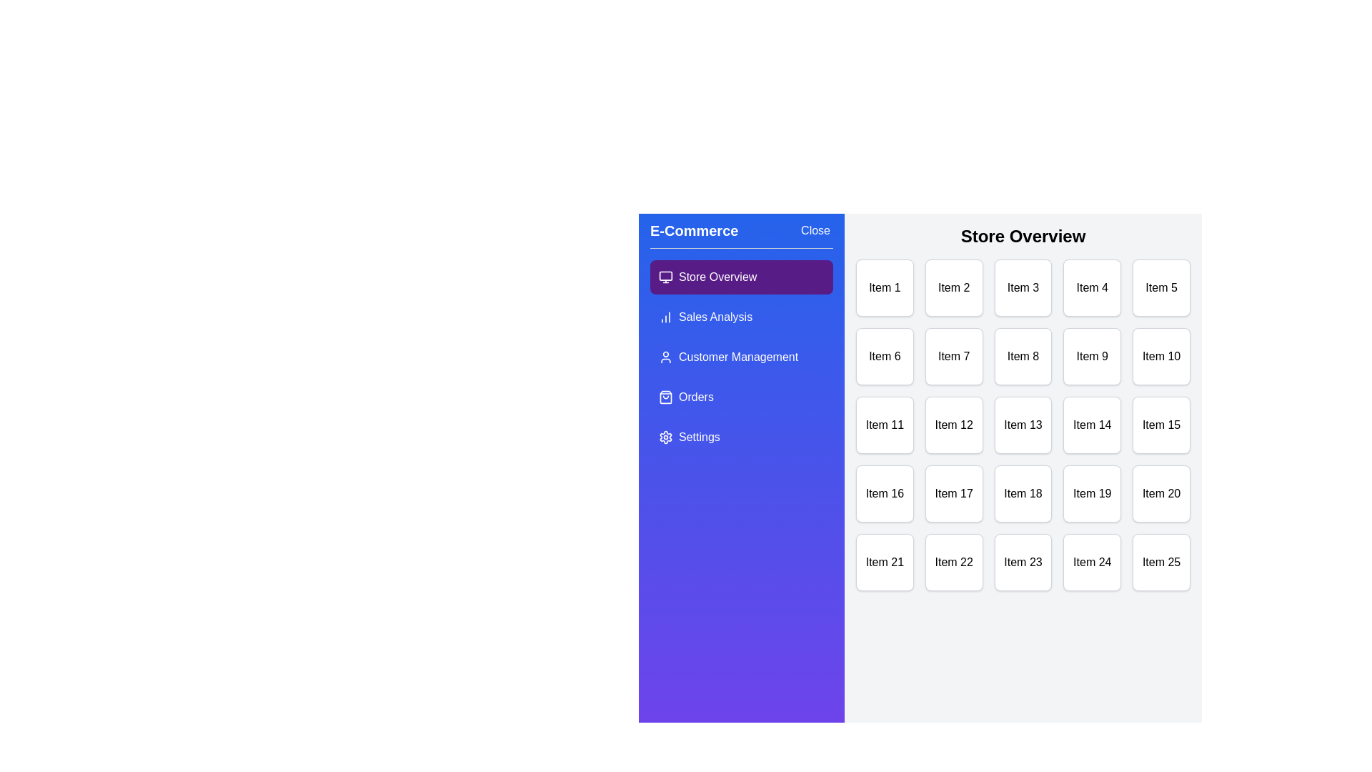 This screenshot has height=772, width=1372. I want to click on 'Close' button to hide the drawer, so click(815, 230).